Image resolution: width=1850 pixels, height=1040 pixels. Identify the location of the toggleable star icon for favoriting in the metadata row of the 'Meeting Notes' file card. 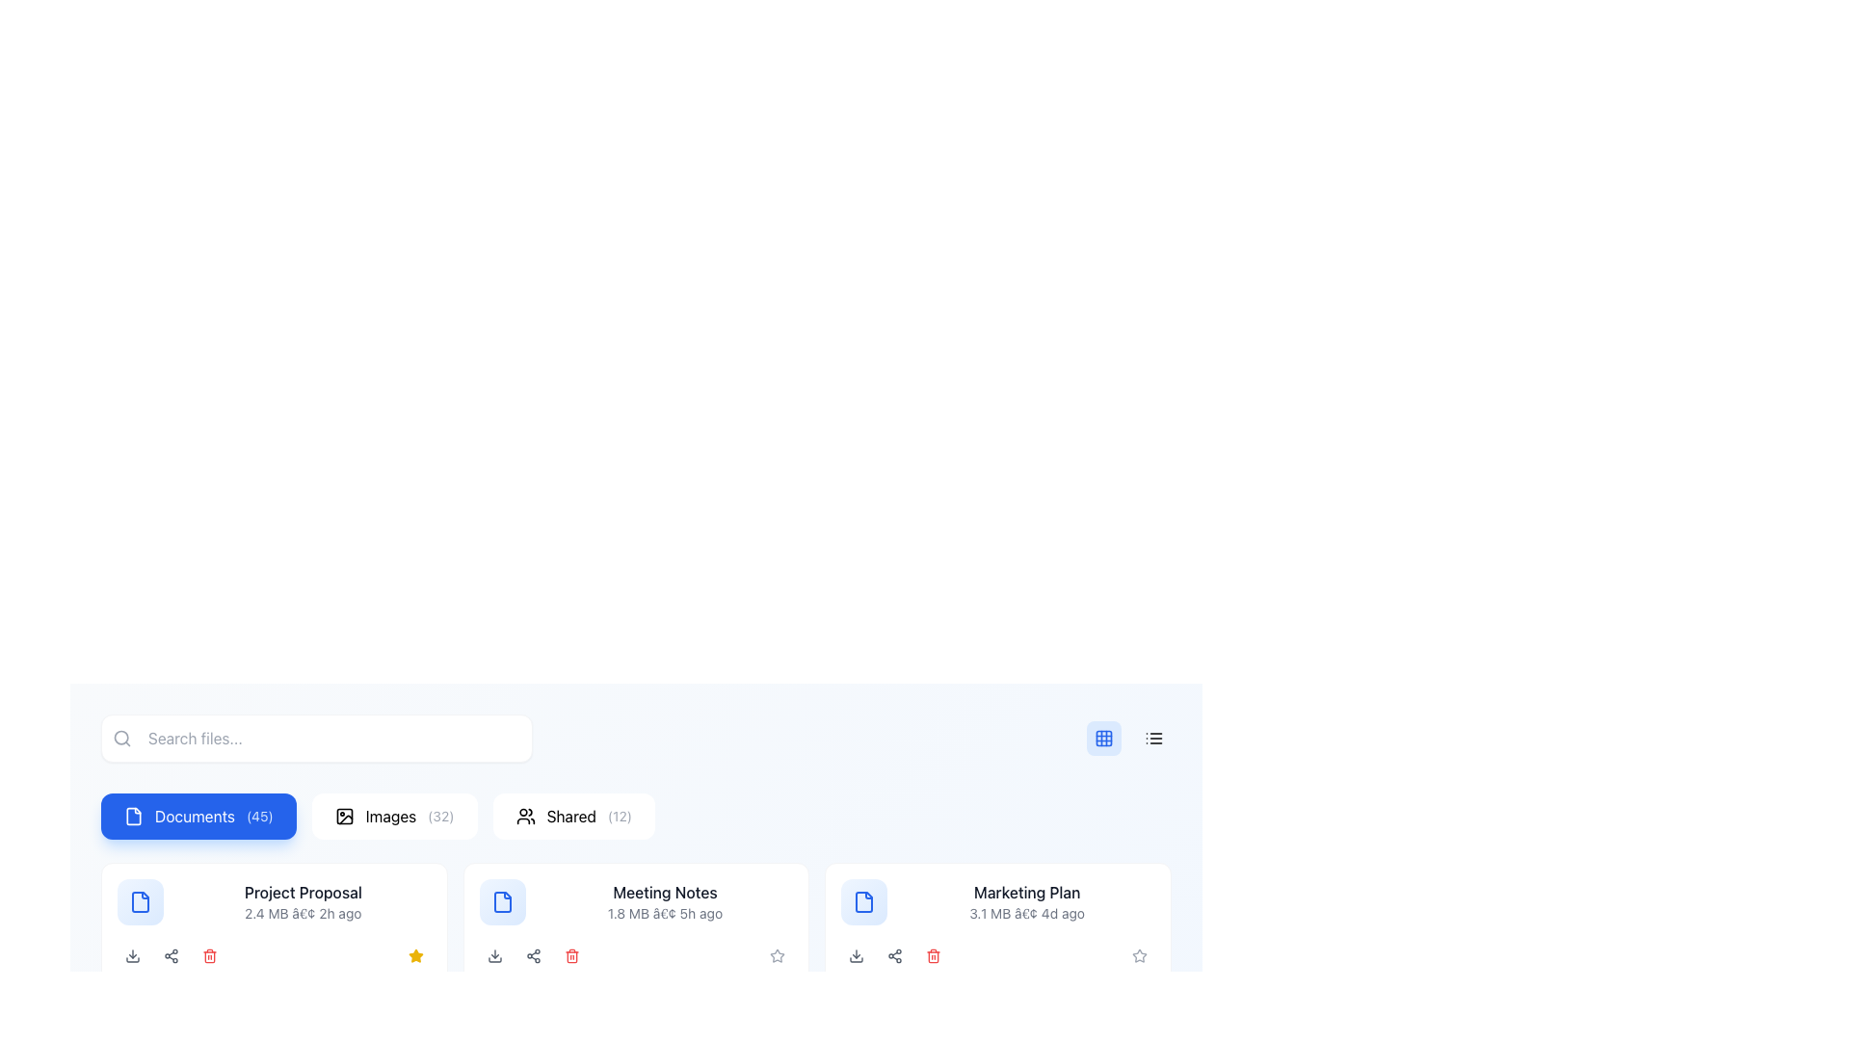
(414, 955).